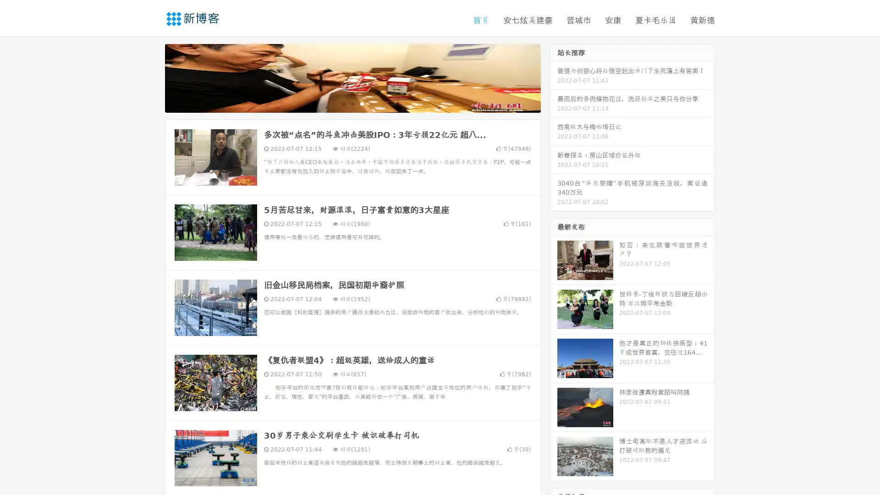 This screenshot has height=495, width=880. What do you see at coordinates (151, 77) in the screenshot?
I see `Previous slide` at bounding box center [151, 77].